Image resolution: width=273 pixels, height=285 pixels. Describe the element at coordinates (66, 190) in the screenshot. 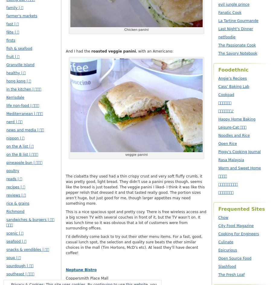

I see `'The ciabatta they used had a thin crispy crust and very soft fluffy crumb, it was pretty good, light bread. They didn’t use a panini press though, seems like the bread is just toasted. The veggie panini I liked- I think it was like this pepper relish that dressed it and that tasted really good. The portion sizes aren’t huge, but just good for me, though larger appetites may need something more.'` at that location.